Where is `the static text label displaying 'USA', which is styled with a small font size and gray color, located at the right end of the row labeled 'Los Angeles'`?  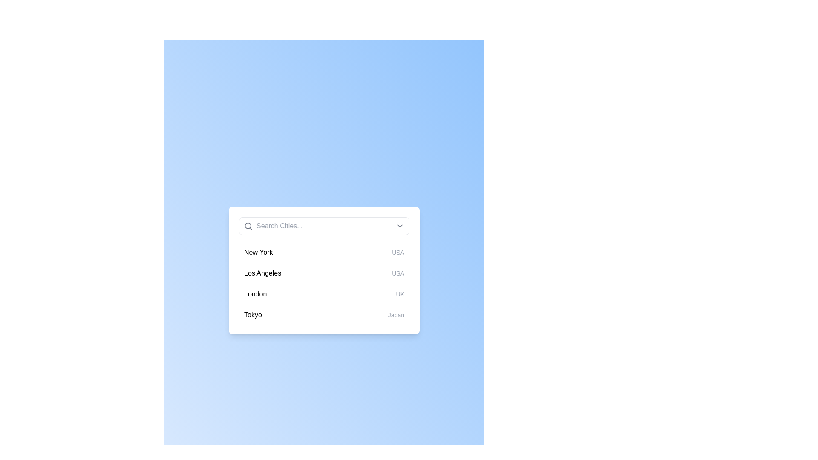 the static text label displaying 'USA', which is styled with a small font size and gray color, located at the right end of the row labeled 'Los Angeles' is located at coordinates (397, 273).